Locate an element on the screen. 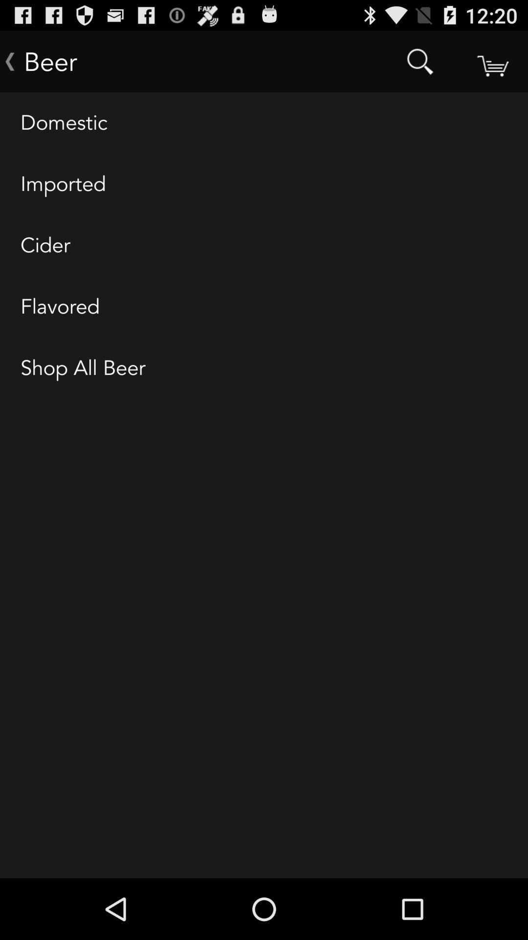  the item above flavored is located at coordinates (264, 246).